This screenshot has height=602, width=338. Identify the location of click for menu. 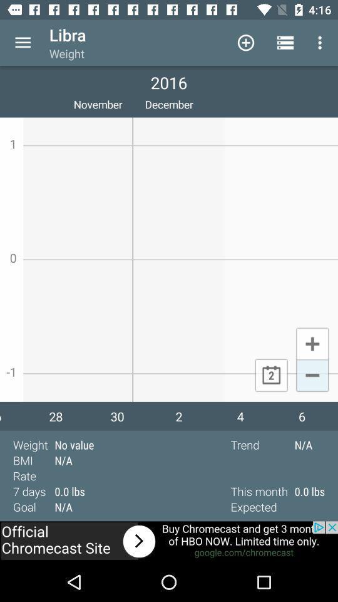
(23, 43).